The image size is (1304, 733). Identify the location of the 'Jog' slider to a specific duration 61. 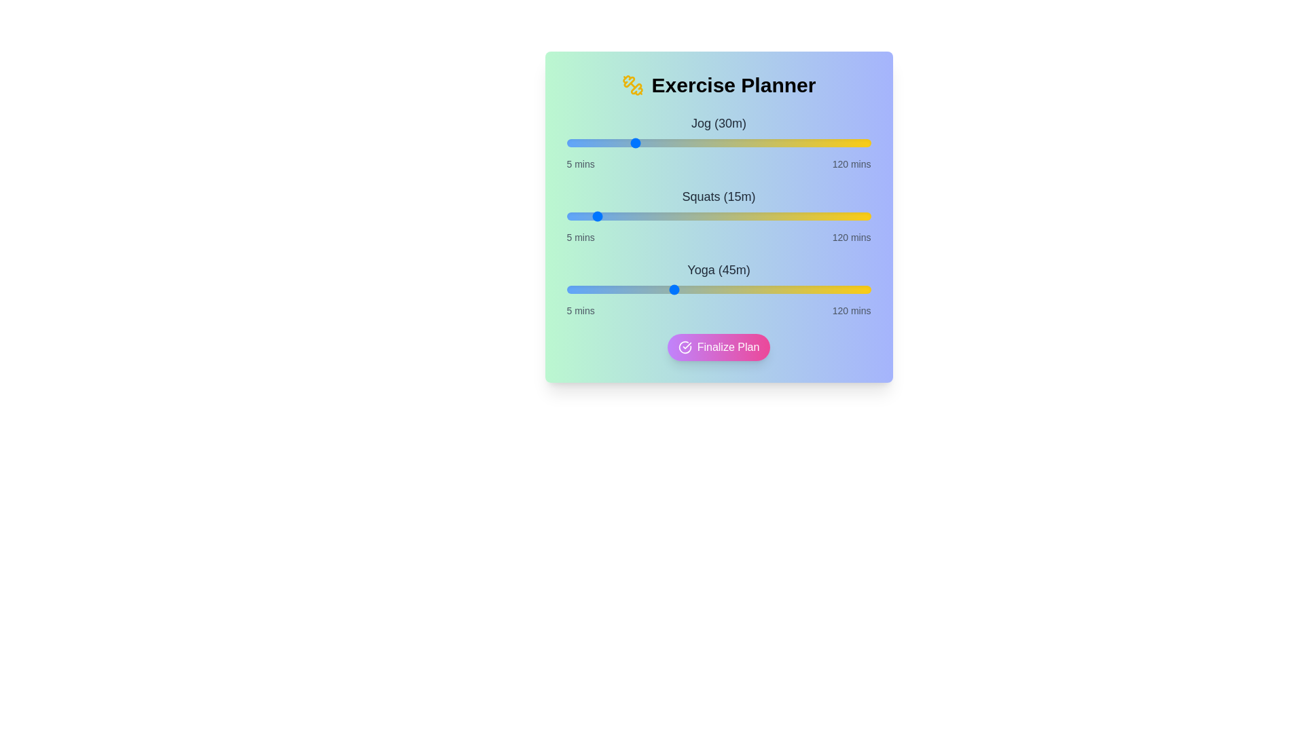
(714, 143).